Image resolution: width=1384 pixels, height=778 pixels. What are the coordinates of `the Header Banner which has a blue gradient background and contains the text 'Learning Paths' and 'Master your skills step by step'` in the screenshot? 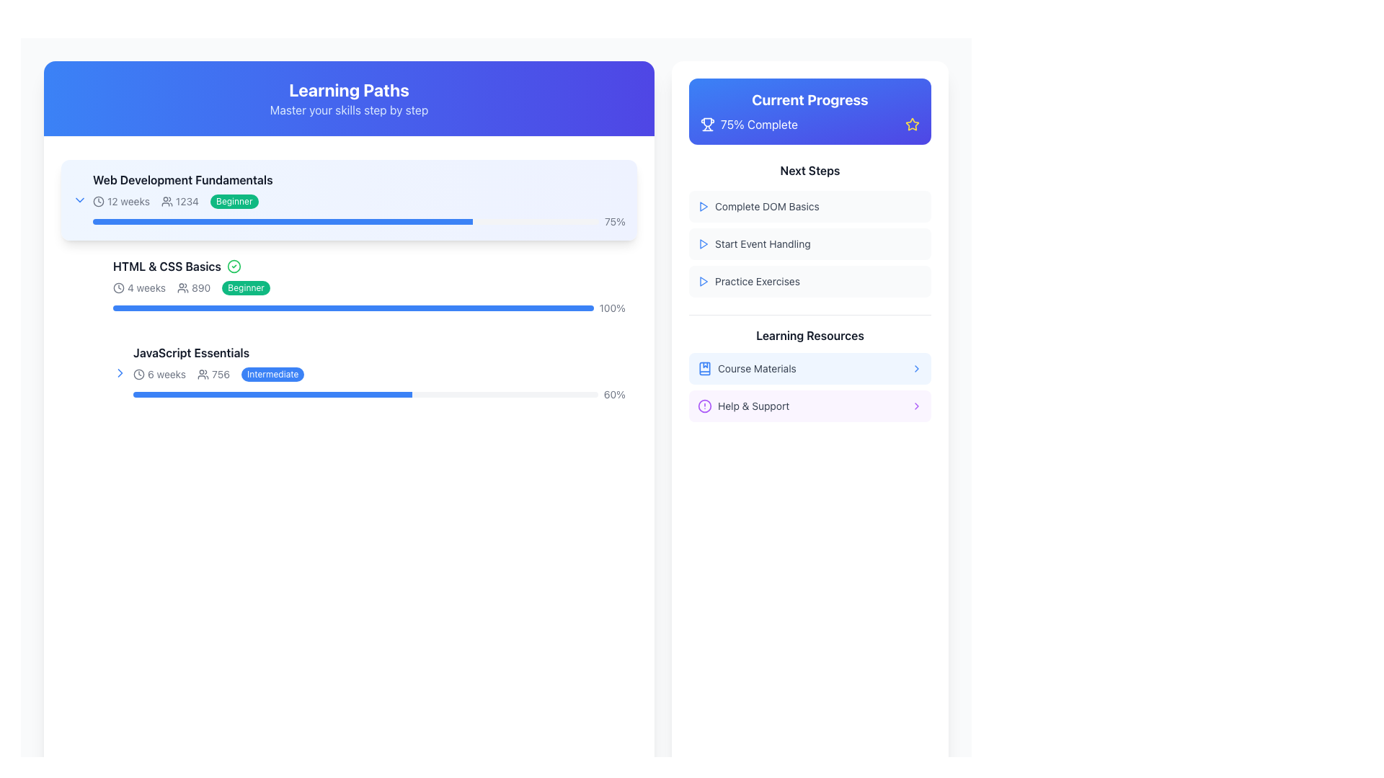 It's located at (349, 98).